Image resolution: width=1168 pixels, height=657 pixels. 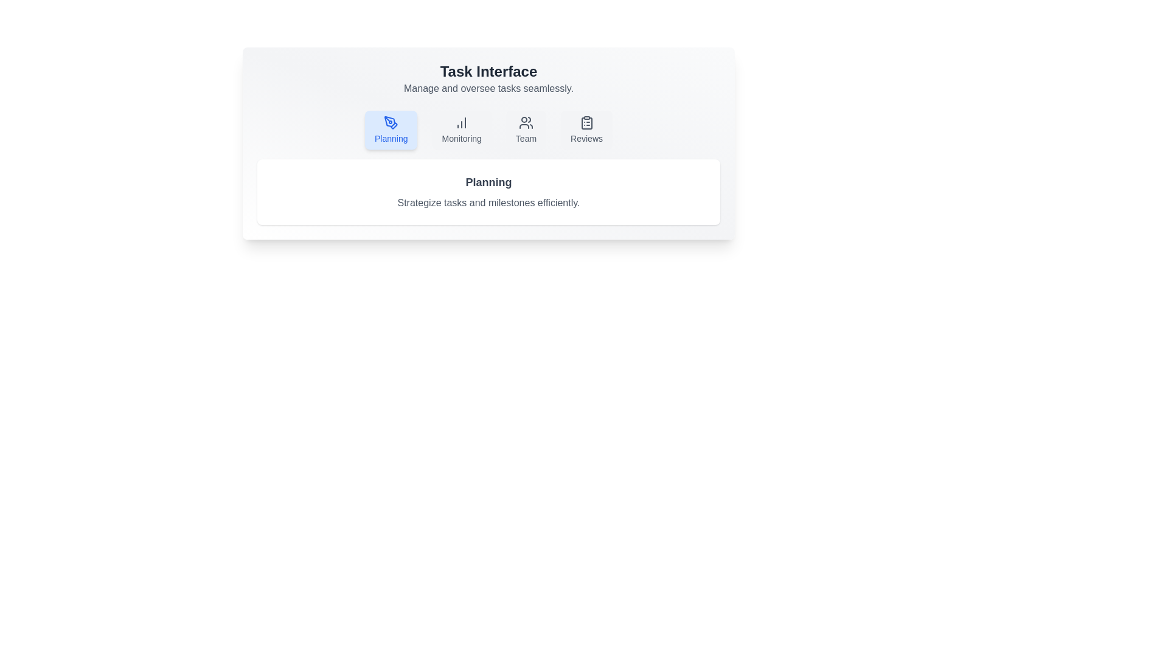 I want to click on the Planning tab to navigate to its content, so click(x=391, y=130).